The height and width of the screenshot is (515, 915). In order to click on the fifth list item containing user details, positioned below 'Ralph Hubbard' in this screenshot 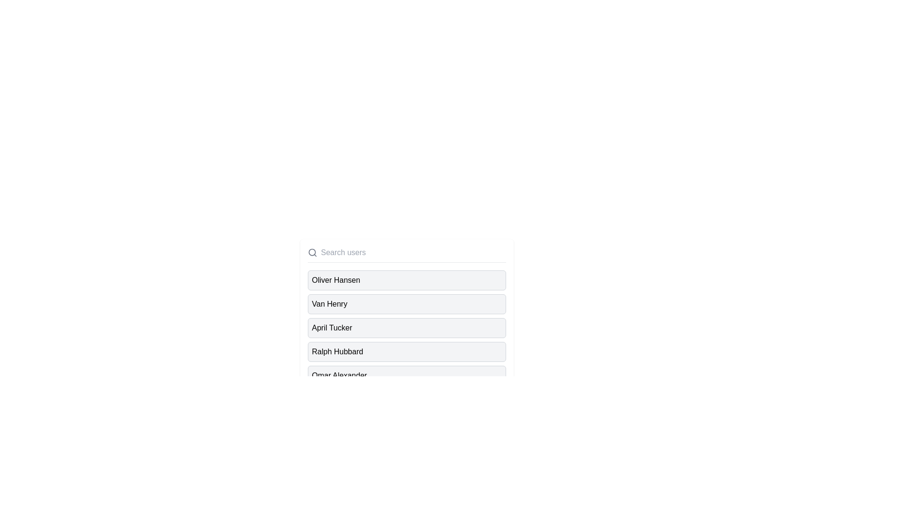, I will do `click(339, 375)`.